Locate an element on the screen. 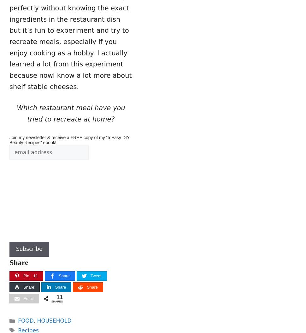 The image size is (306, 333). 'HOUSEHOLD' is located at coordinates (37, 320).